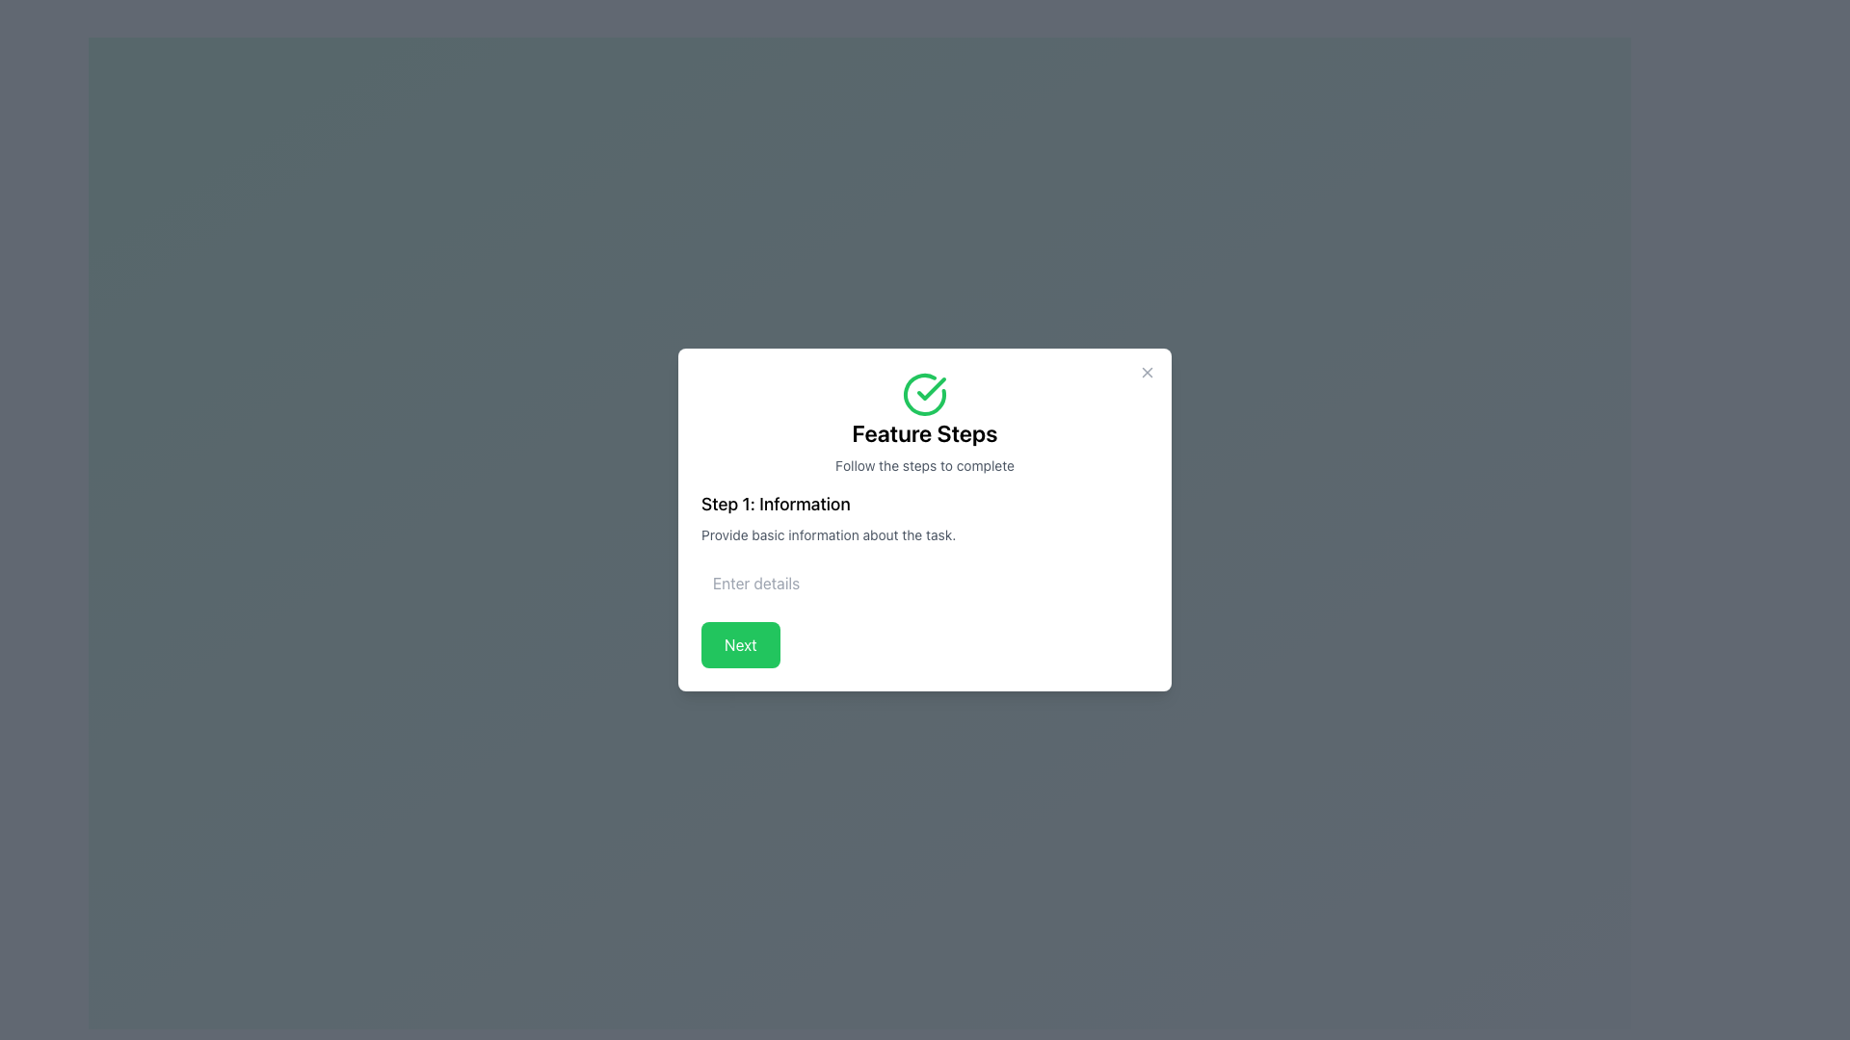  What do you see at coordinates (1147, 372) in the screenshot?
I see `the small cross-shaped icon located at the top-right corner of the dialog box` at bounding box center [1147, 372].